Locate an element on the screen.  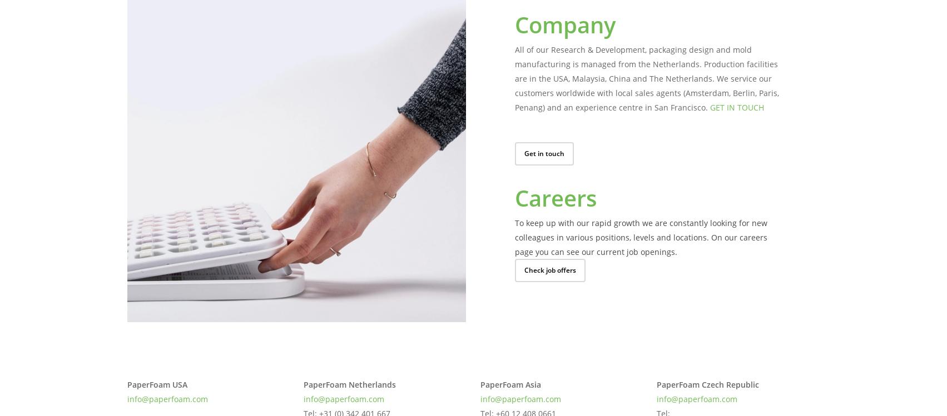
'Check job offers' is located at coordinates (549, 269).